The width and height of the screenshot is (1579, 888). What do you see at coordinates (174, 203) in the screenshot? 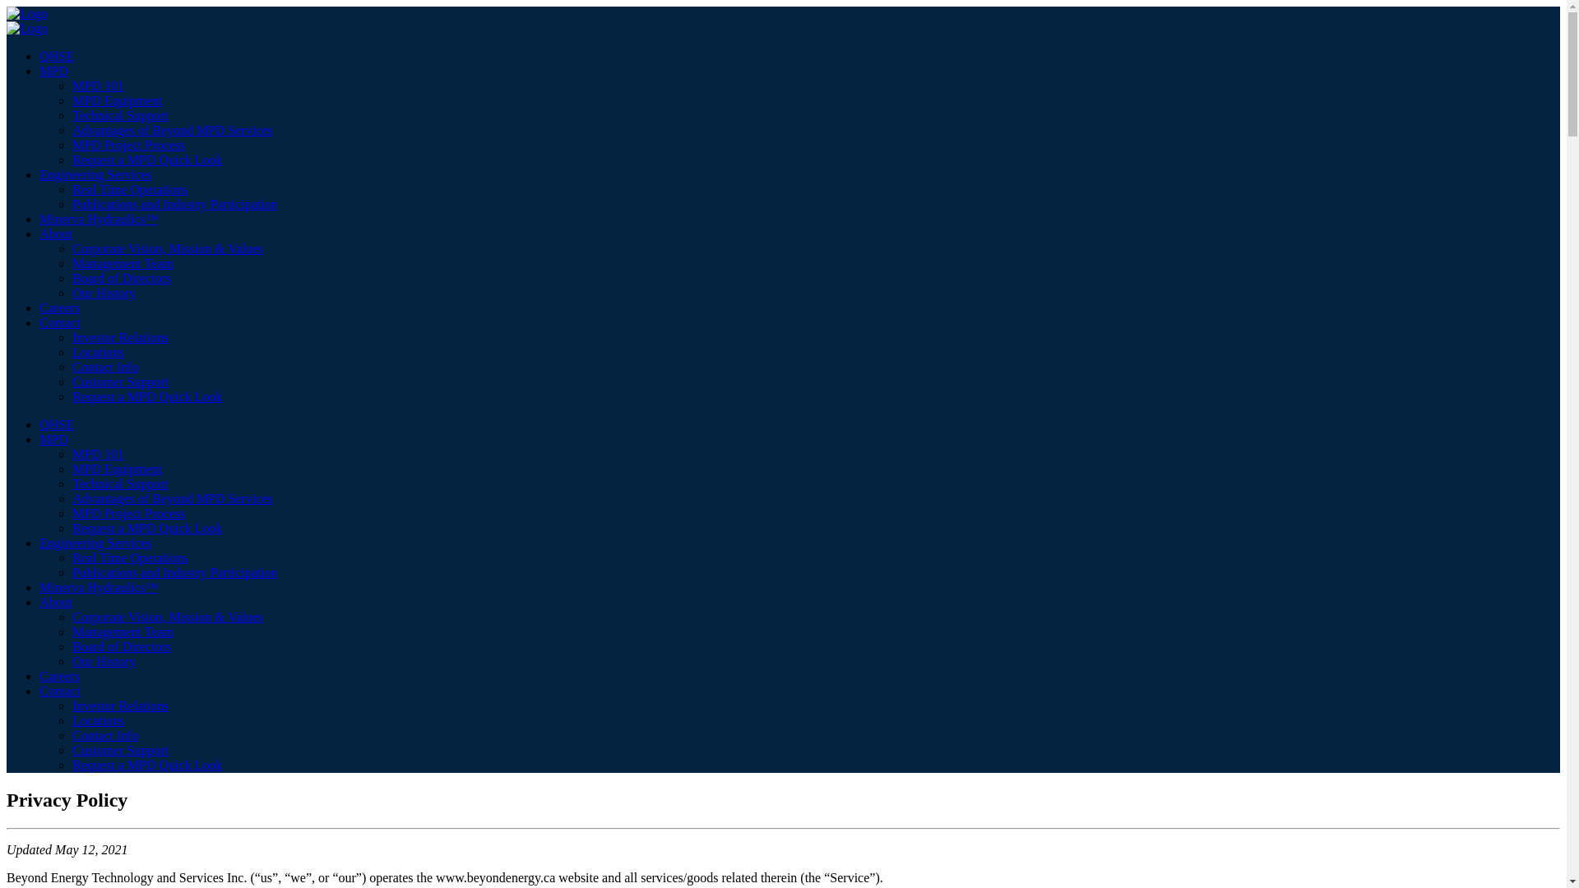
I see `'Publications and Industry Participation'` at bounding box center [174, 203].